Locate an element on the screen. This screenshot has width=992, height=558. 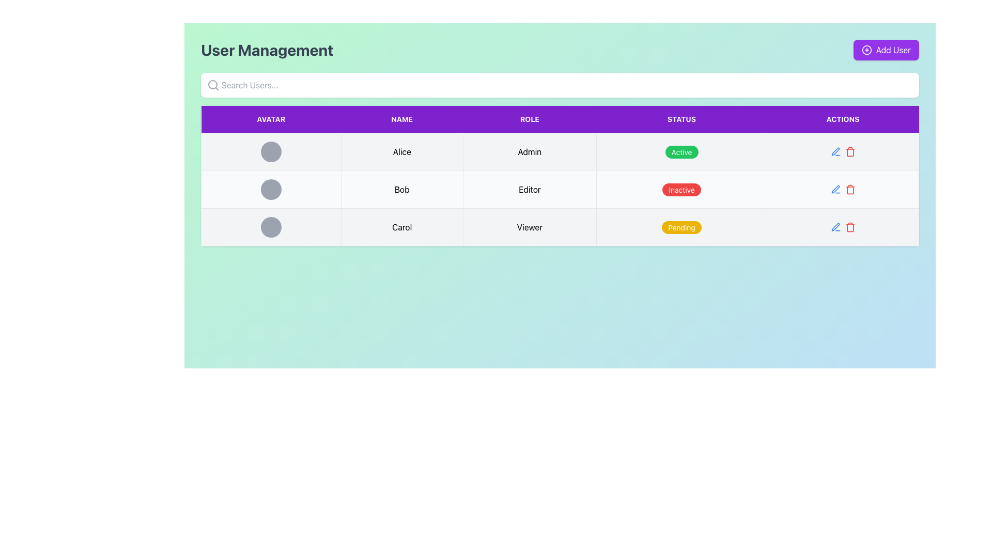
the red trash bin icon in the Actions column for the user 'Alice' is located at coordinates (843, 151).